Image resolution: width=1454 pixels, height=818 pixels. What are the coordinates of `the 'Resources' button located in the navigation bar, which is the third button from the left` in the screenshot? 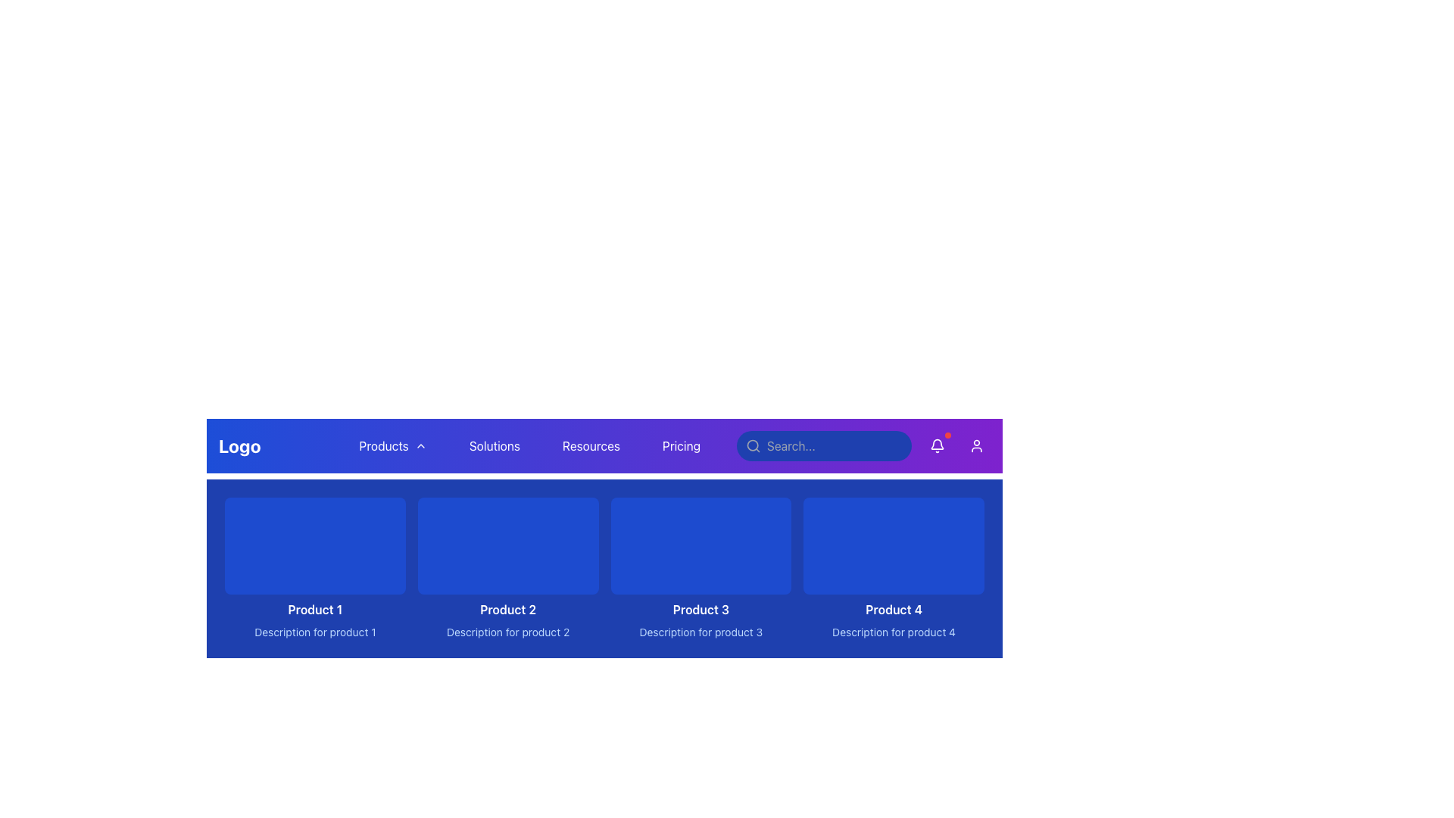 It's located at (591, 445).